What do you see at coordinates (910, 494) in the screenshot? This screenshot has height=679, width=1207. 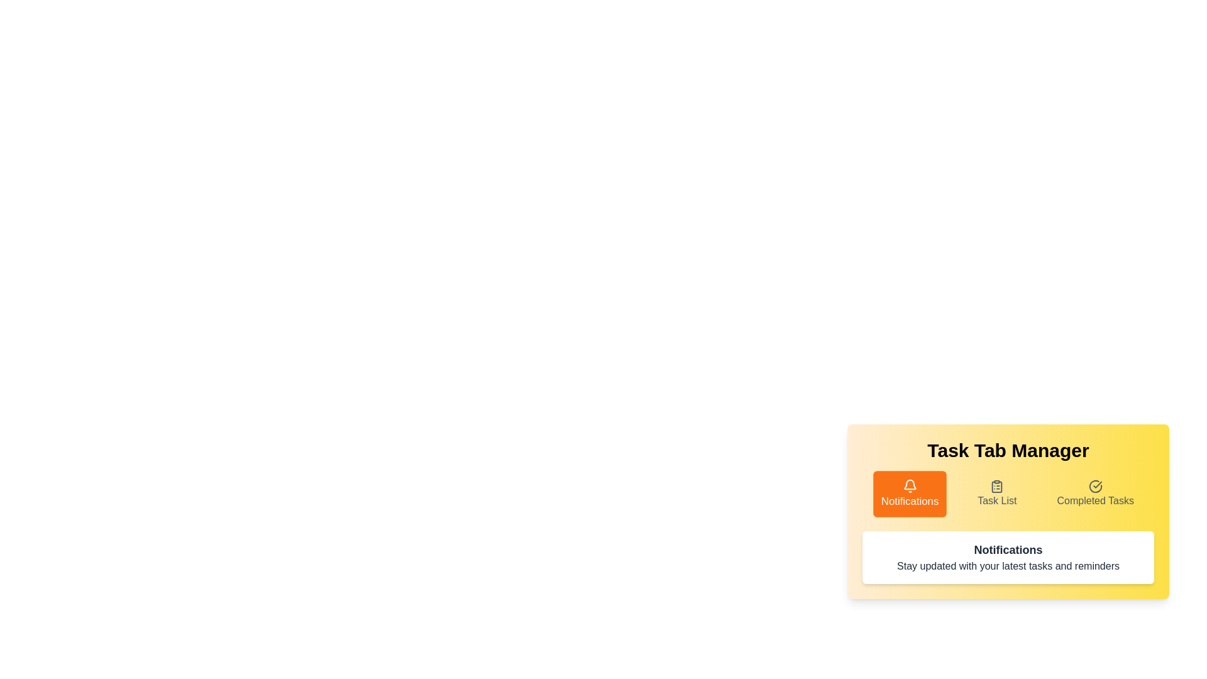 I see `the tab labeled Notifications by clicking on it` at bounding box center [910, 494].